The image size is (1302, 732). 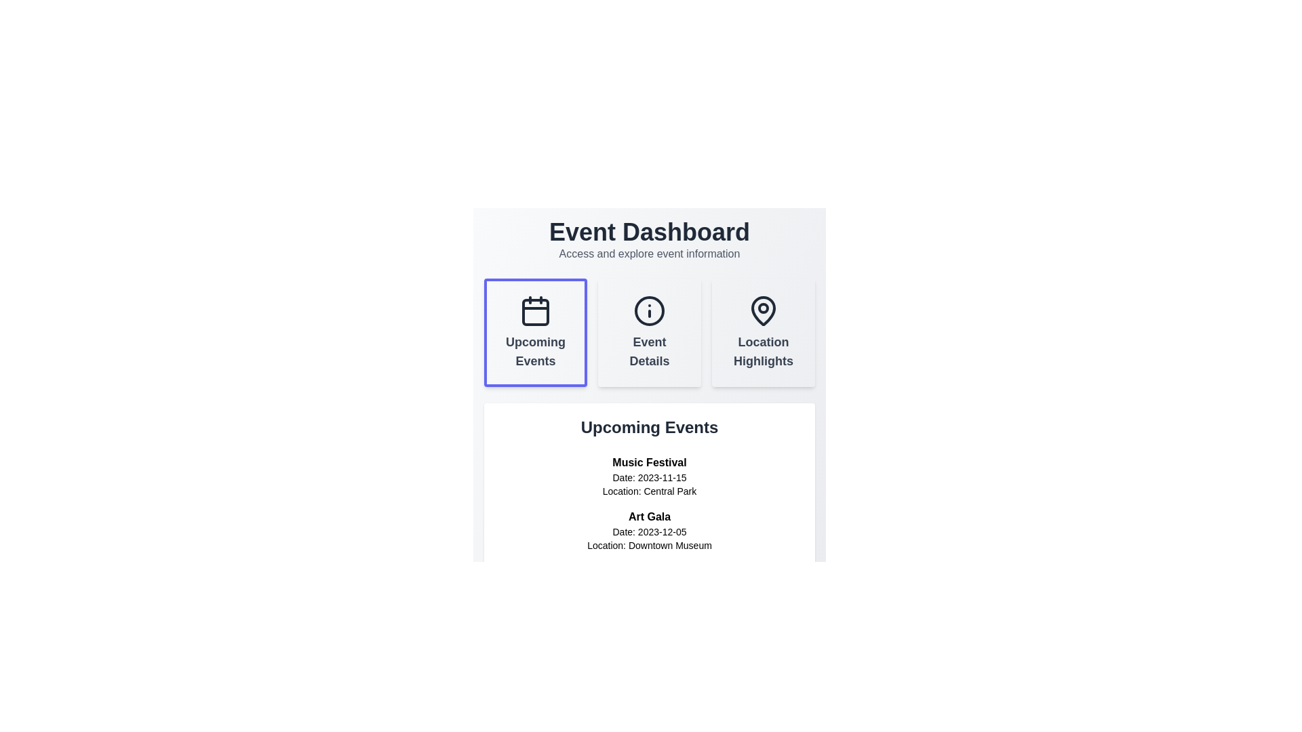 I want to click on the text label reading 'Event Details', which is styled with a bold font and gray coloration, located centrally below an info icon, so click(x=649, y=351).